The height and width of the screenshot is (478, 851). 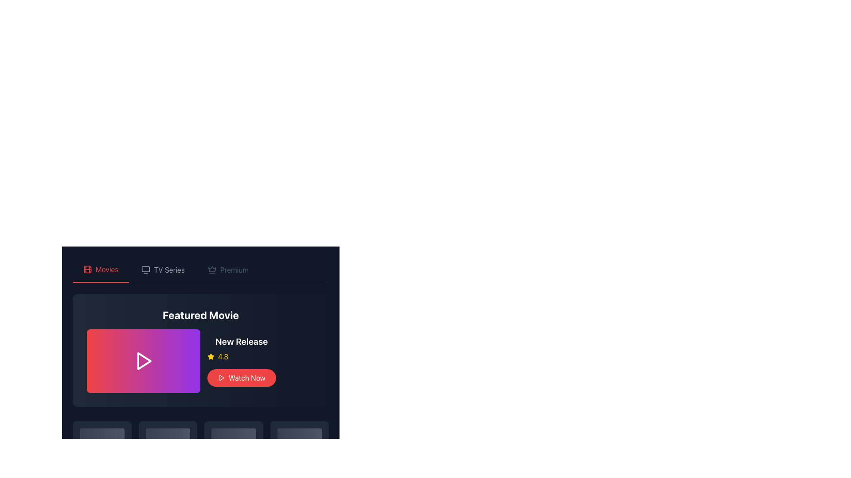 What do you see at coordinates (210, 356) in the screenshot?
I see `the small yellow star icon with sharp edges located next to the numeric rating value (4.8) below the 'New Release' section` at bounding box center [210, 356].